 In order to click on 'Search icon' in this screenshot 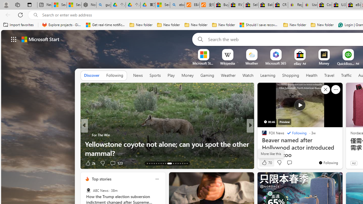, I will do `click(35, 15)`.